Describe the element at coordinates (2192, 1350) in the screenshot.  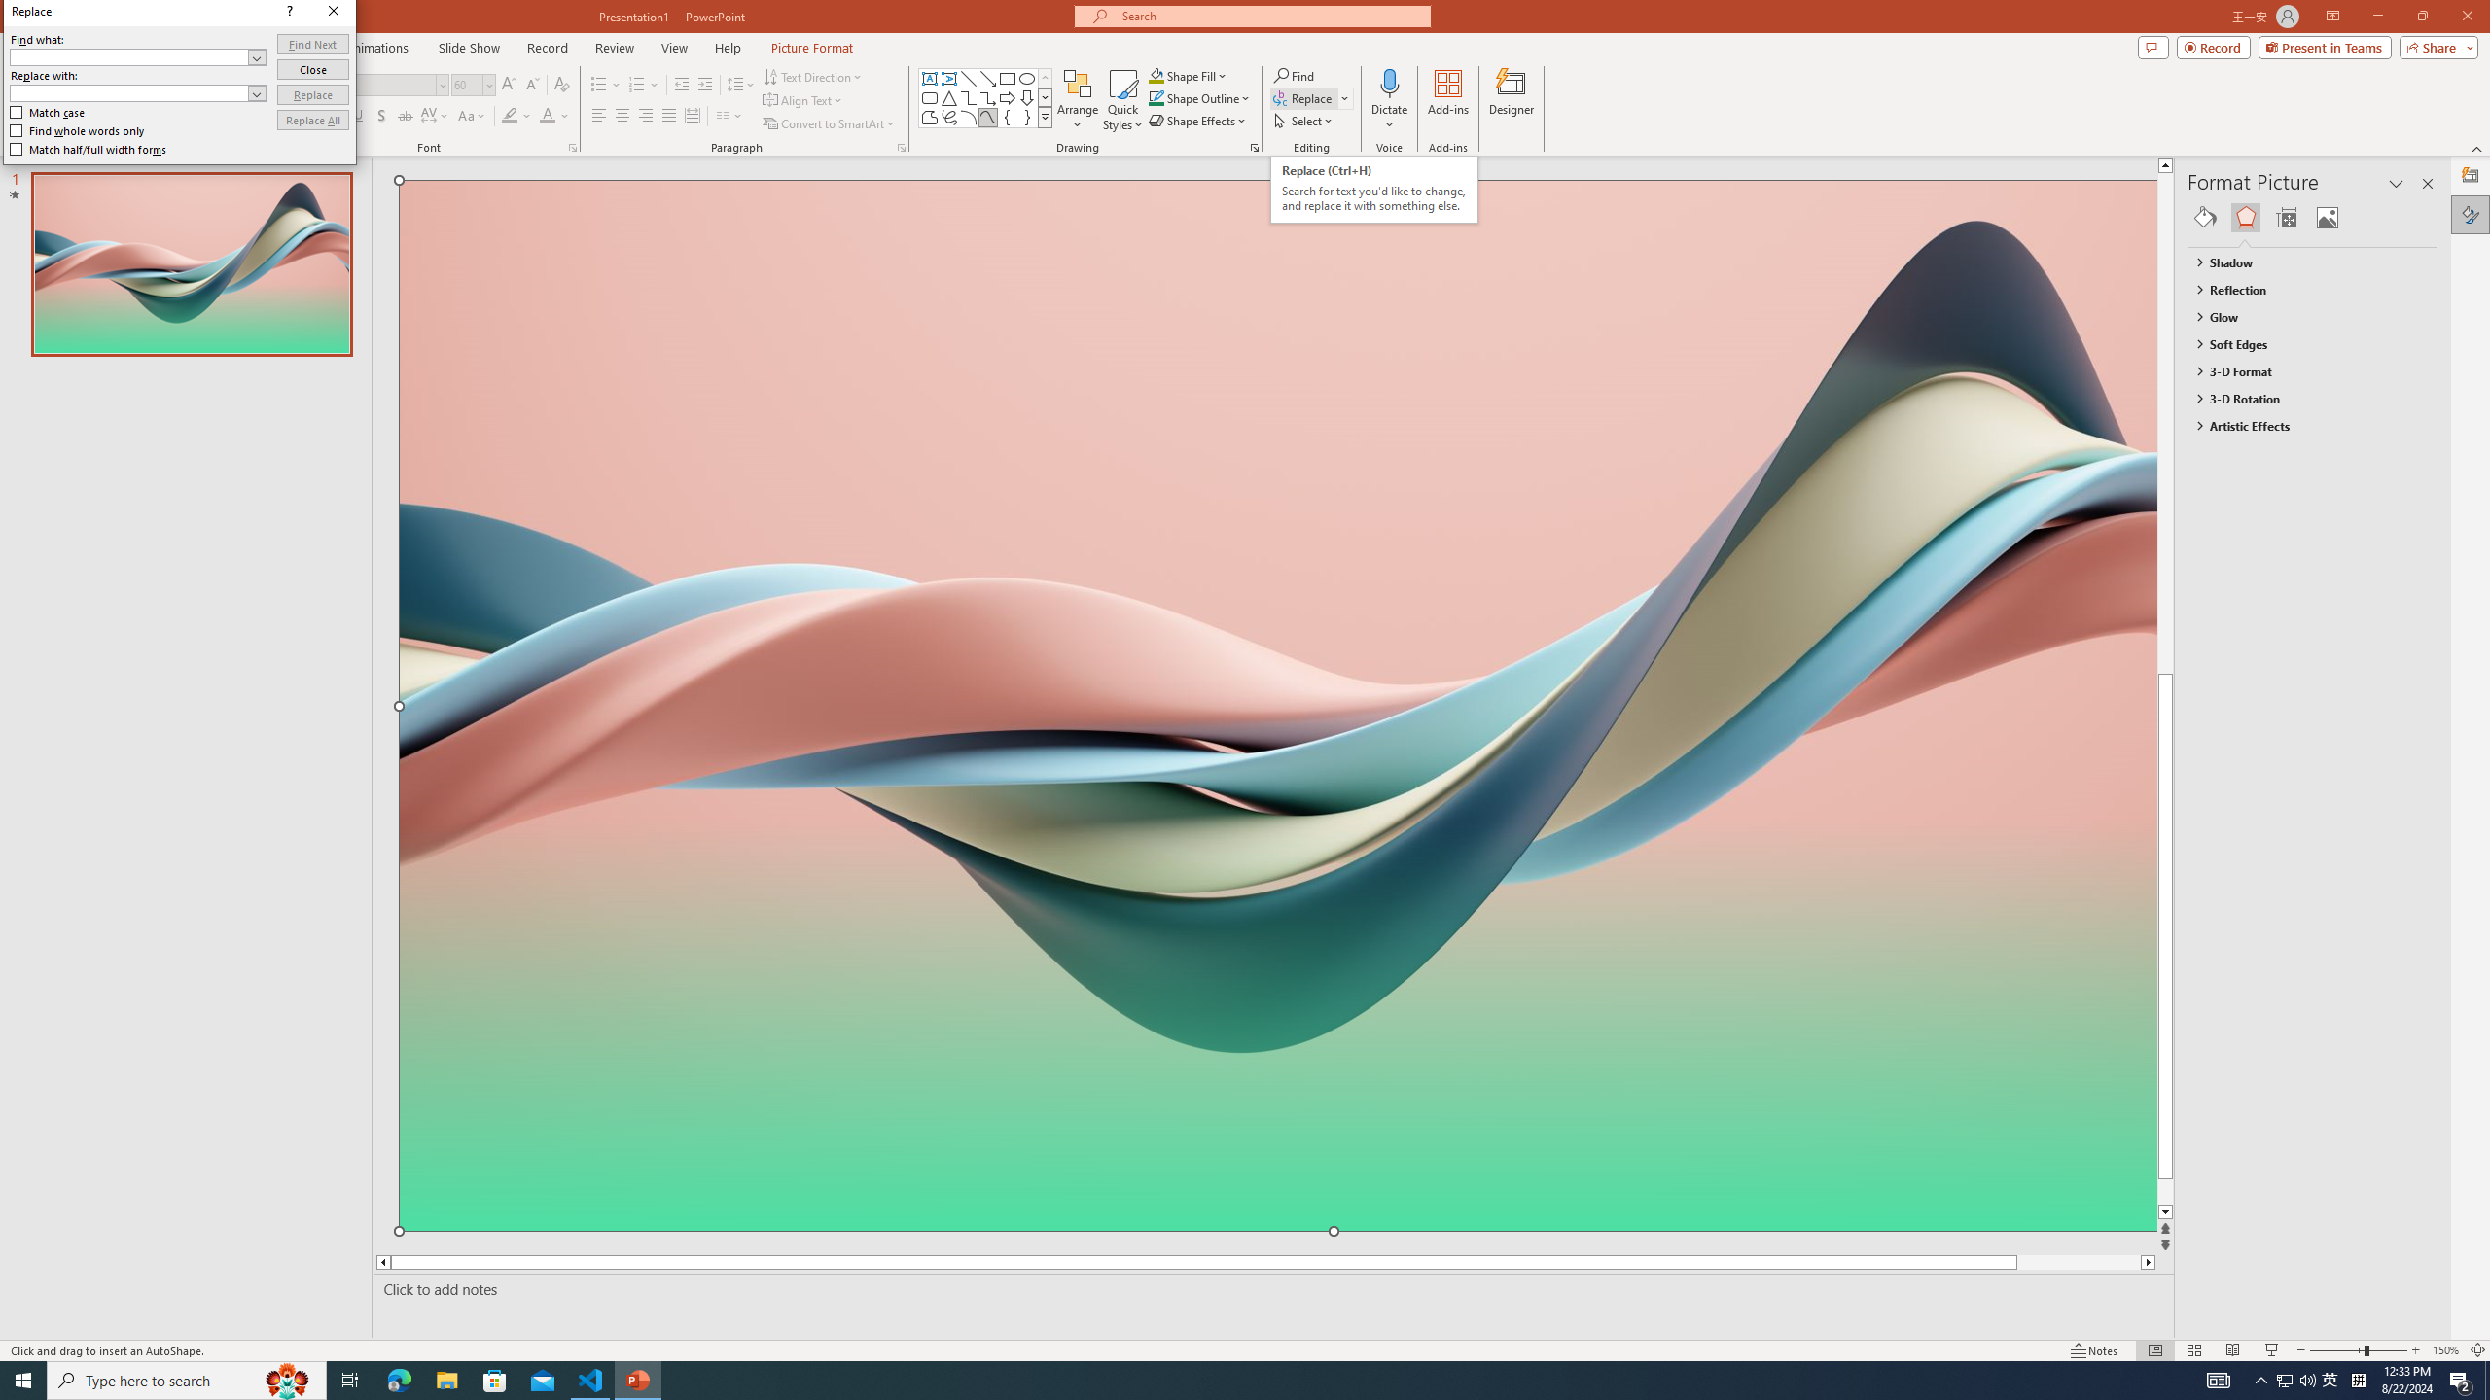
I see `'Slide Sorter'` at that location.